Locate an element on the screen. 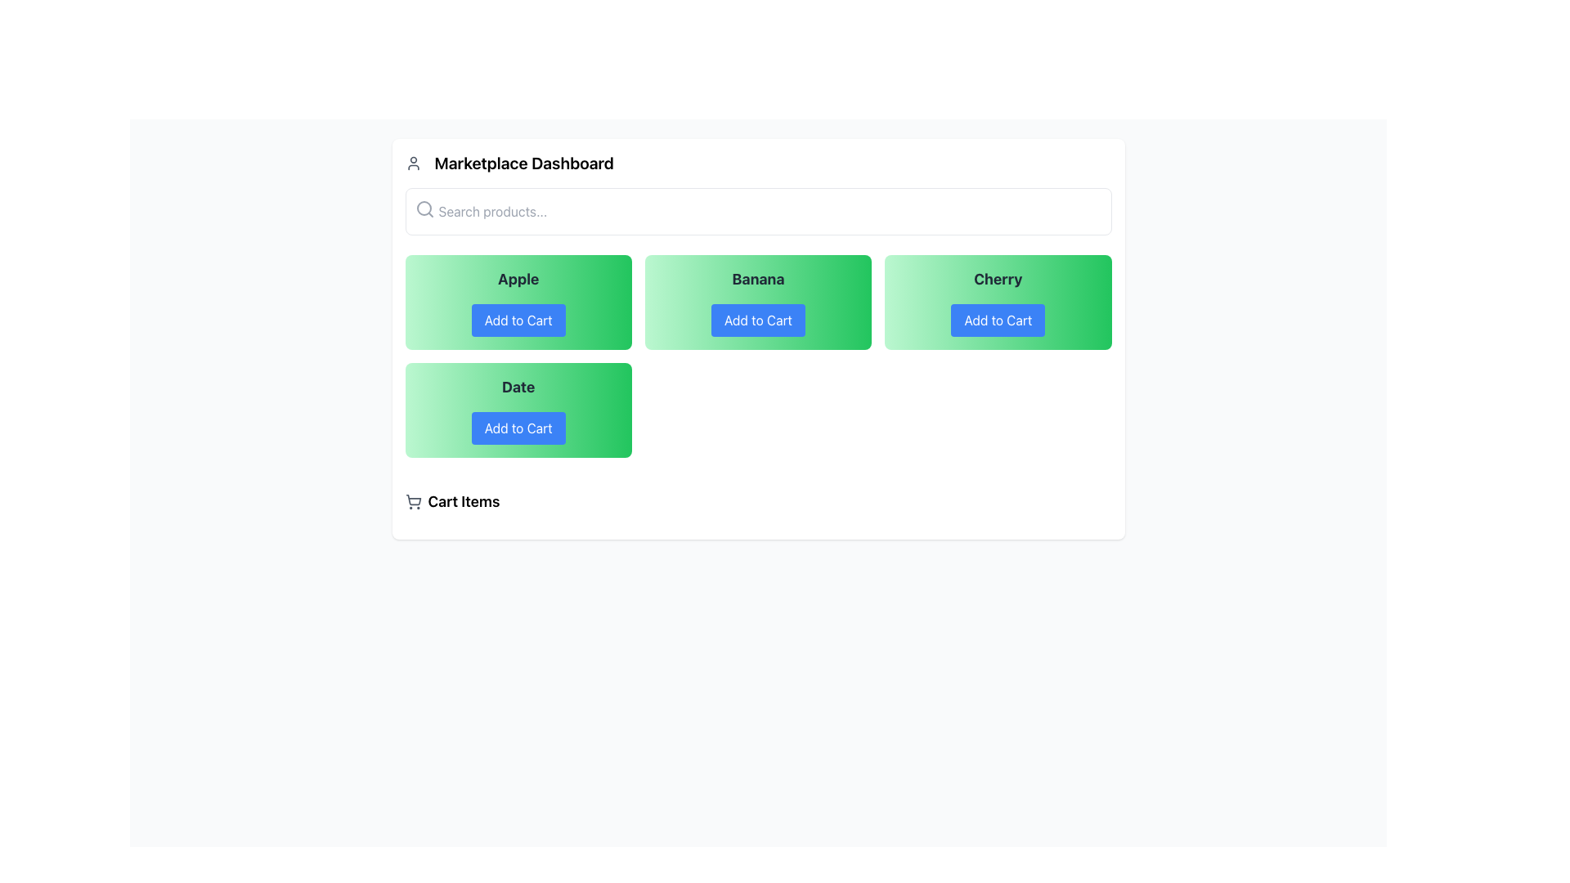 Image resolution: width=1570 pixels, height=883 pixels. the 'Add to Cart' button with white text on a blue background, located below the 'Banana' label, to trigger the hover state is located at coordinates (757, 320).